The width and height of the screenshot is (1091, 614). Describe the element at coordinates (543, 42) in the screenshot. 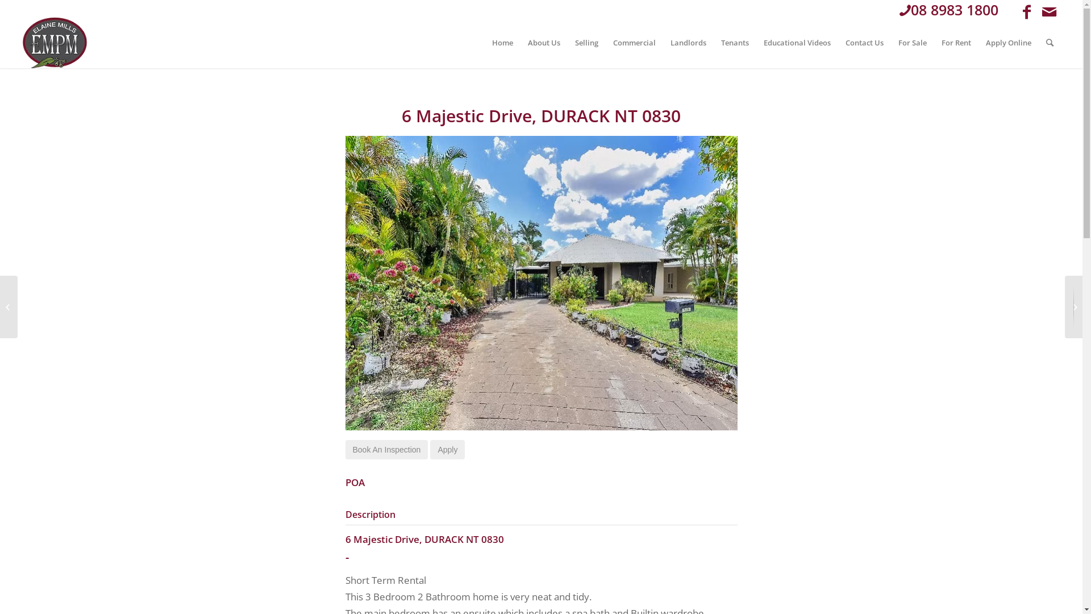

I see `'About Us'` at that location.